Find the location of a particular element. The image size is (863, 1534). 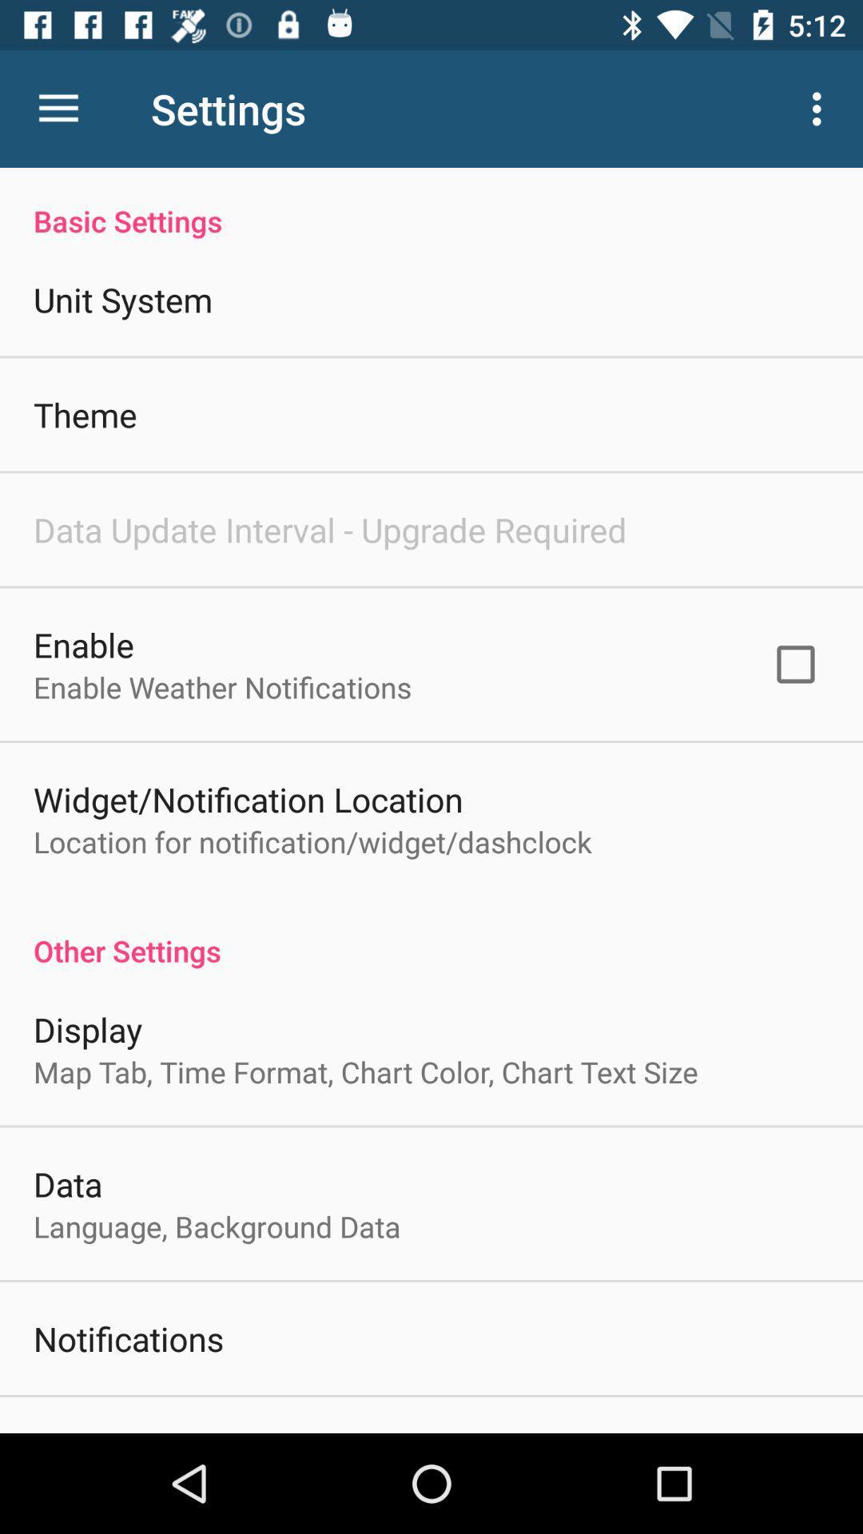

the item below display item is located at coordinates (365, 1071).